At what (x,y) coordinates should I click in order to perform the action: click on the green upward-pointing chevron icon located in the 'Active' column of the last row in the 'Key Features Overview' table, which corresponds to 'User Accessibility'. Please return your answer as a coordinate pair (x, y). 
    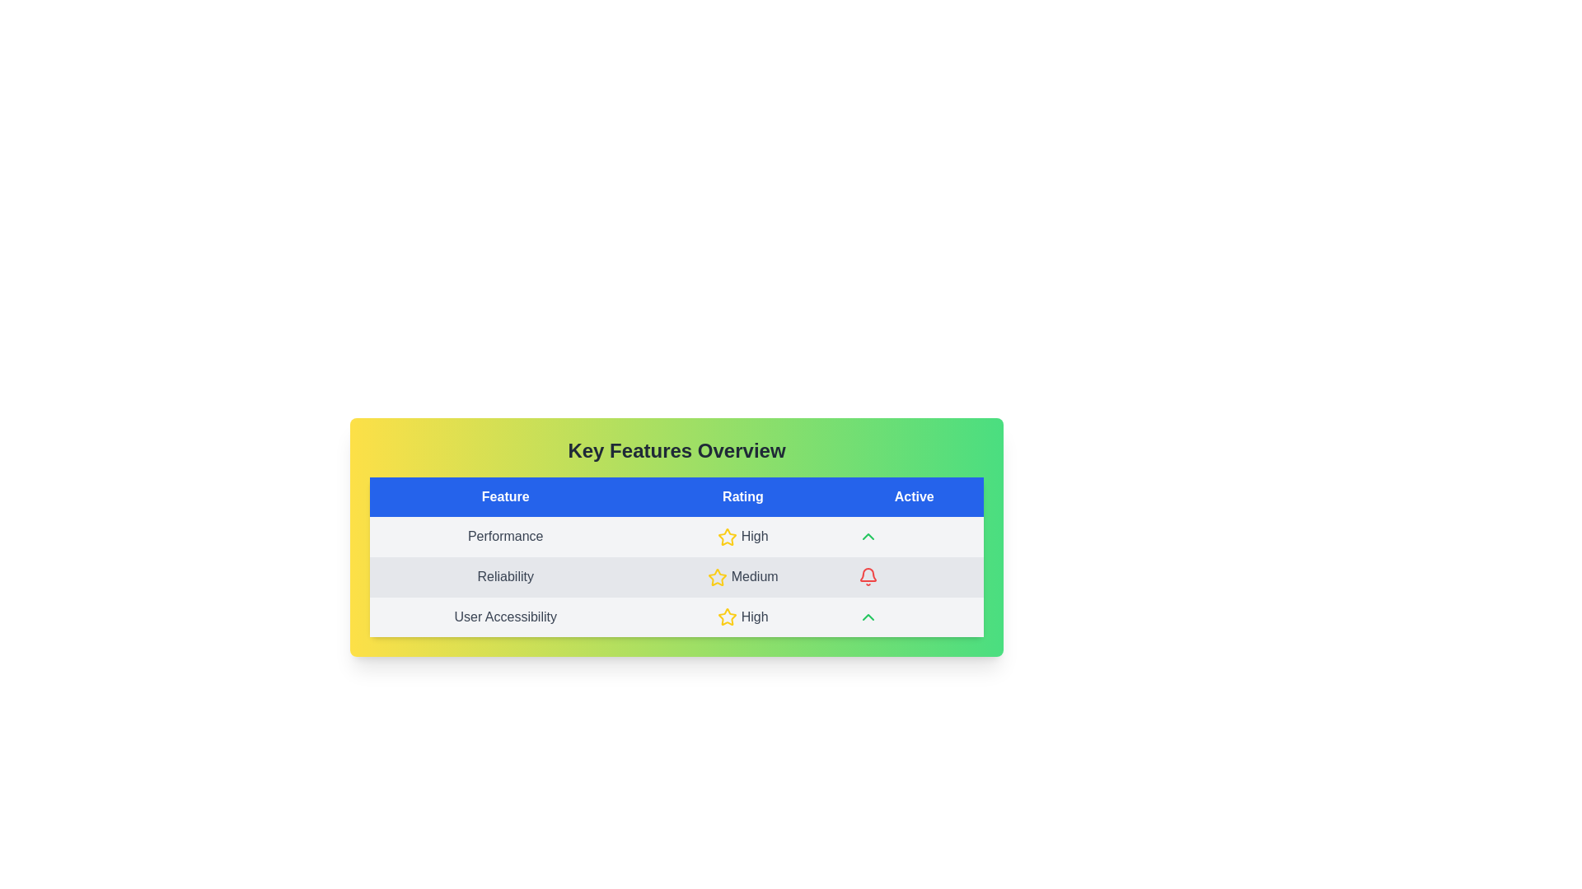
    Looking at the image, I should click on (867, 617).